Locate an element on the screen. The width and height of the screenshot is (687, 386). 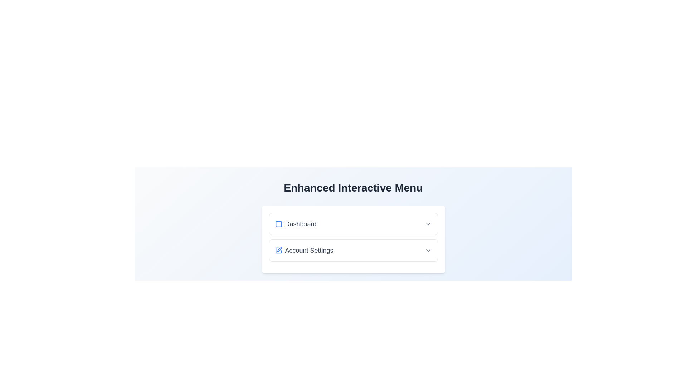
the 'Dashboard' icon which visually represents the Dashboard section of the interface, located at the top of the menu interface is located at coordinates (278, 224).